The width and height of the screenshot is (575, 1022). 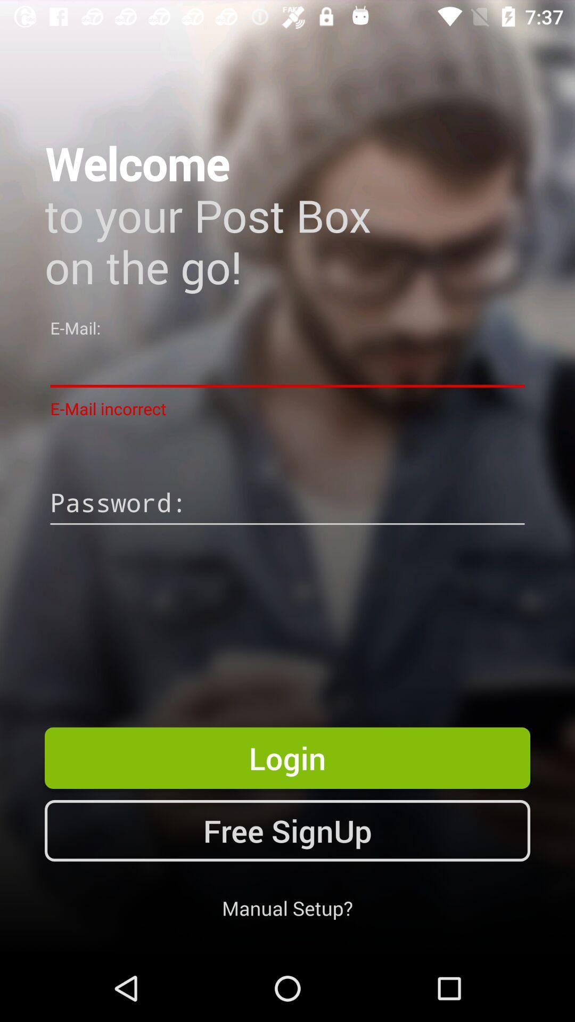 I want to click on password, so click(x=287, y=504).